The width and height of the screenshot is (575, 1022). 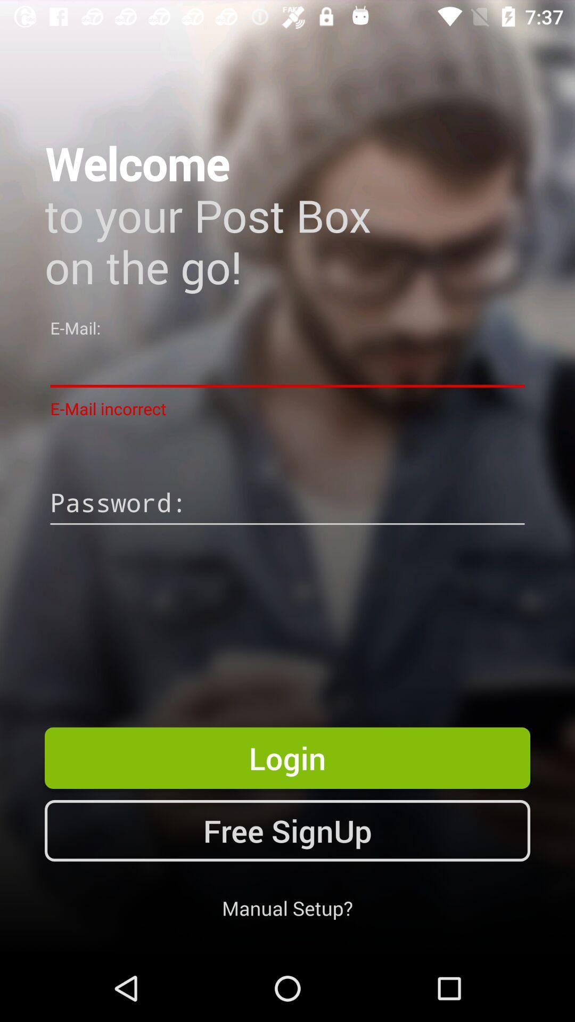 I want to click on password, so click(x=287, y=504).